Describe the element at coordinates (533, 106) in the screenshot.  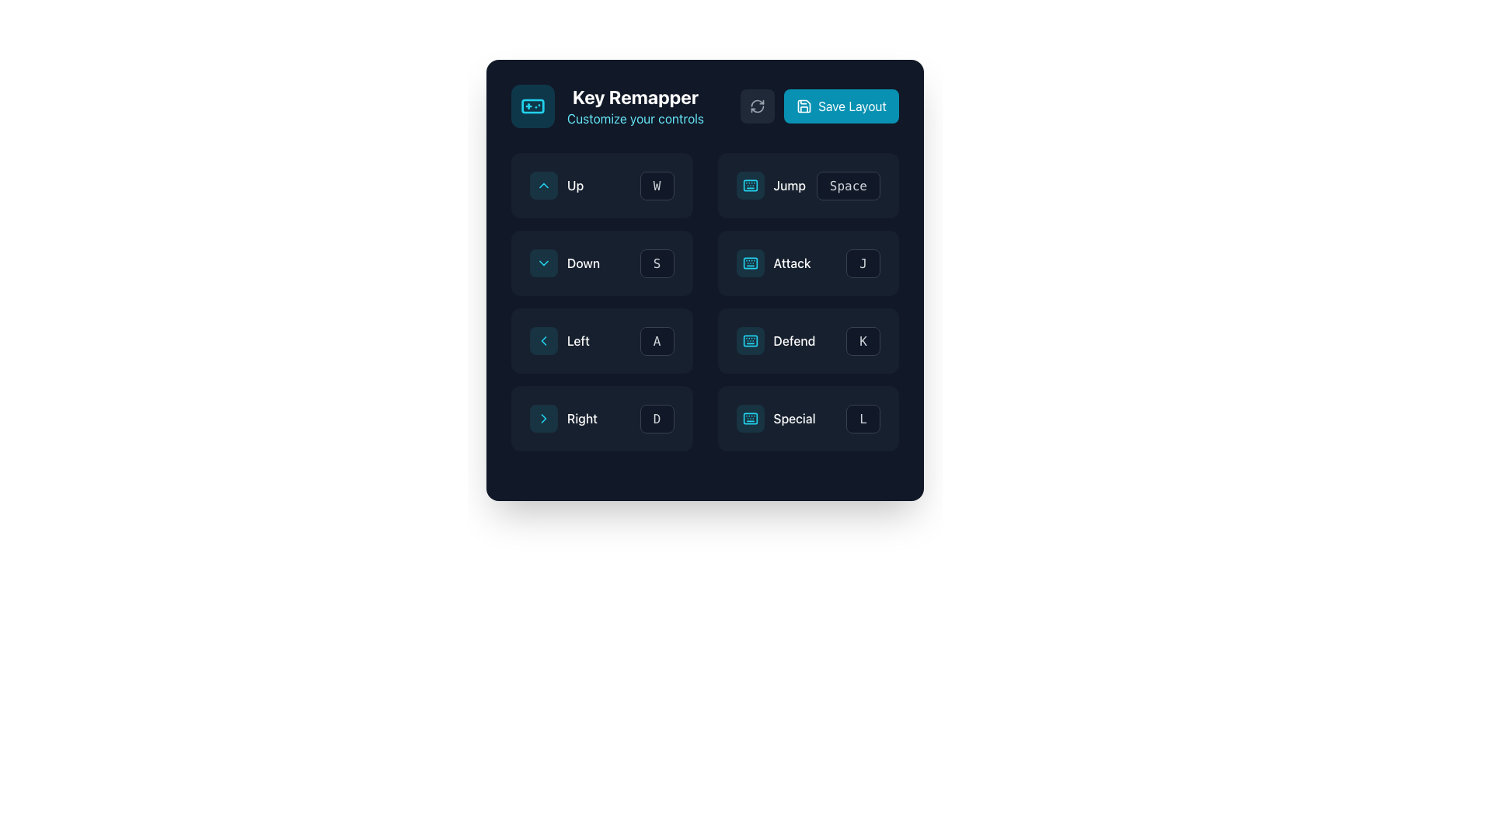
I see `the Icon Button with a cyan border and a game controller icon` at that location.